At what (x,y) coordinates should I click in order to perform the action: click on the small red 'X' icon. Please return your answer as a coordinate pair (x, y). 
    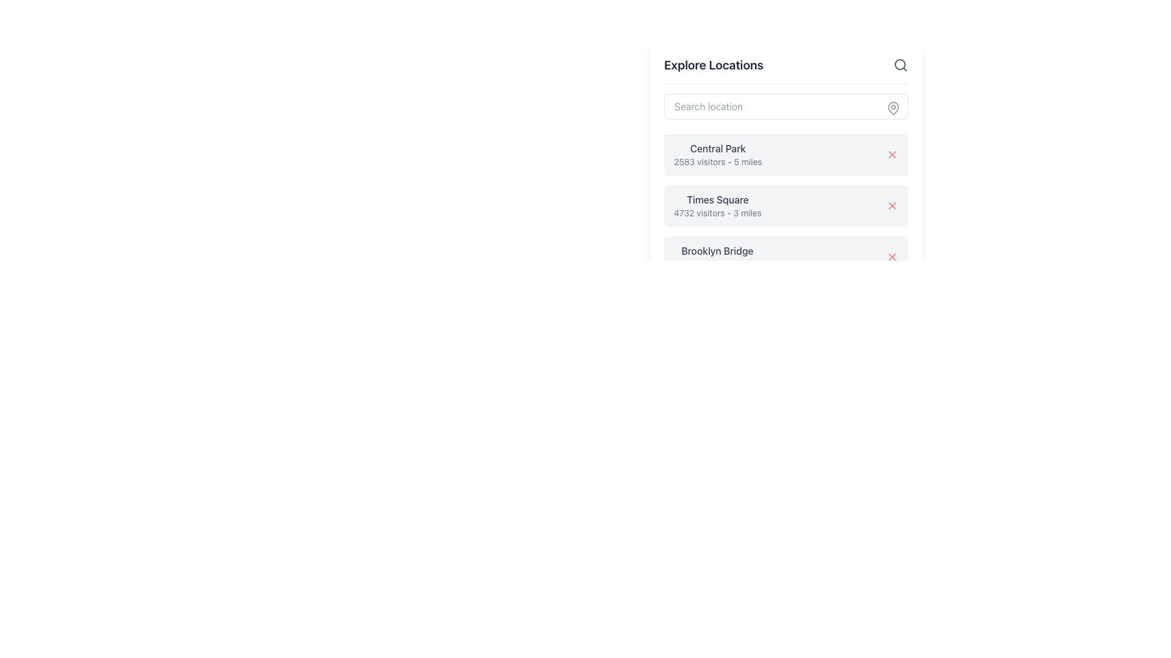
    Looking at the image, I should click on (892, 205).